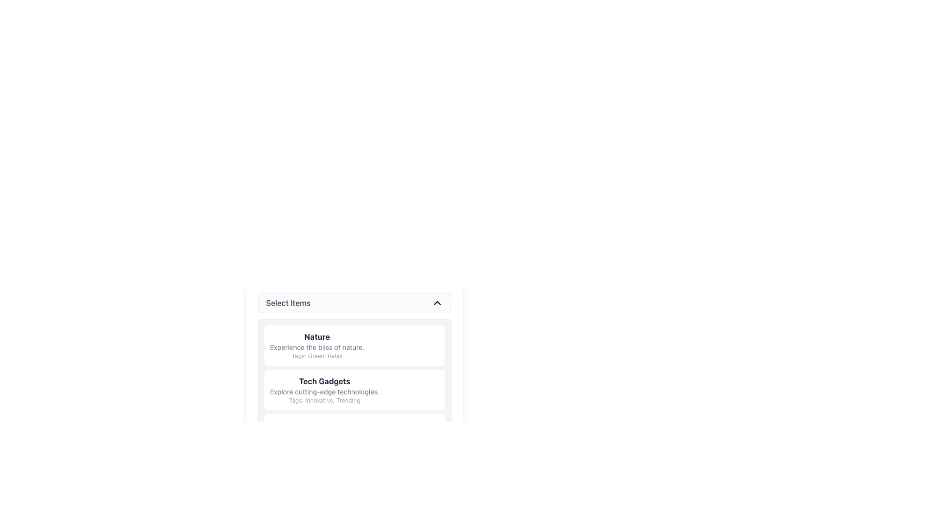 This screenshot has height=522, width=928. What do you see at coordinates (324, 389) in the screenshot?
I see `the selectable list item for 'Tech Gadgets'` at bounding box center [324, 389].